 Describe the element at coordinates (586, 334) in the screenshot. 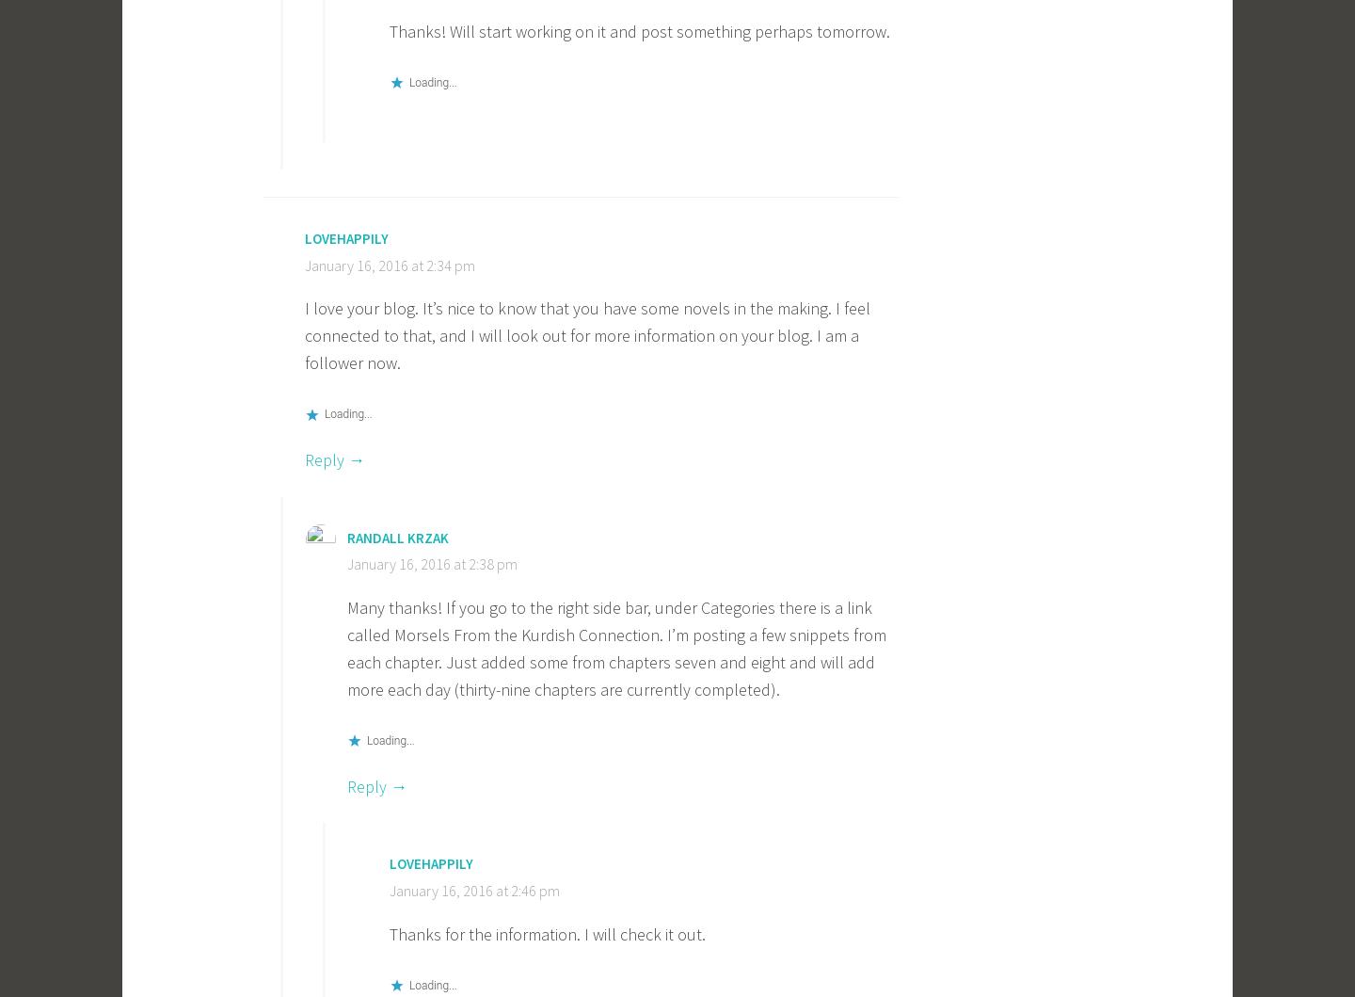

I see `'I love your blog. It’s nice to know that you have some novels in the making. I feel connected to that, and I will look out for more information on your blog. I am a follower now.'` at that location.